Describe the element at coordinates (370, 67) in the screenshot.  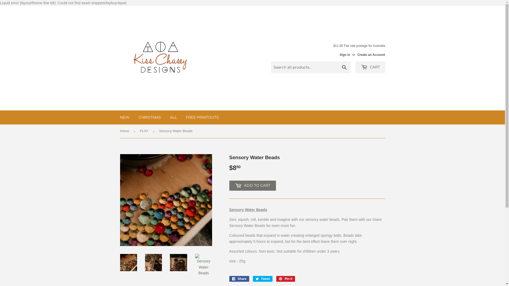
I see `'CART'` at that location.